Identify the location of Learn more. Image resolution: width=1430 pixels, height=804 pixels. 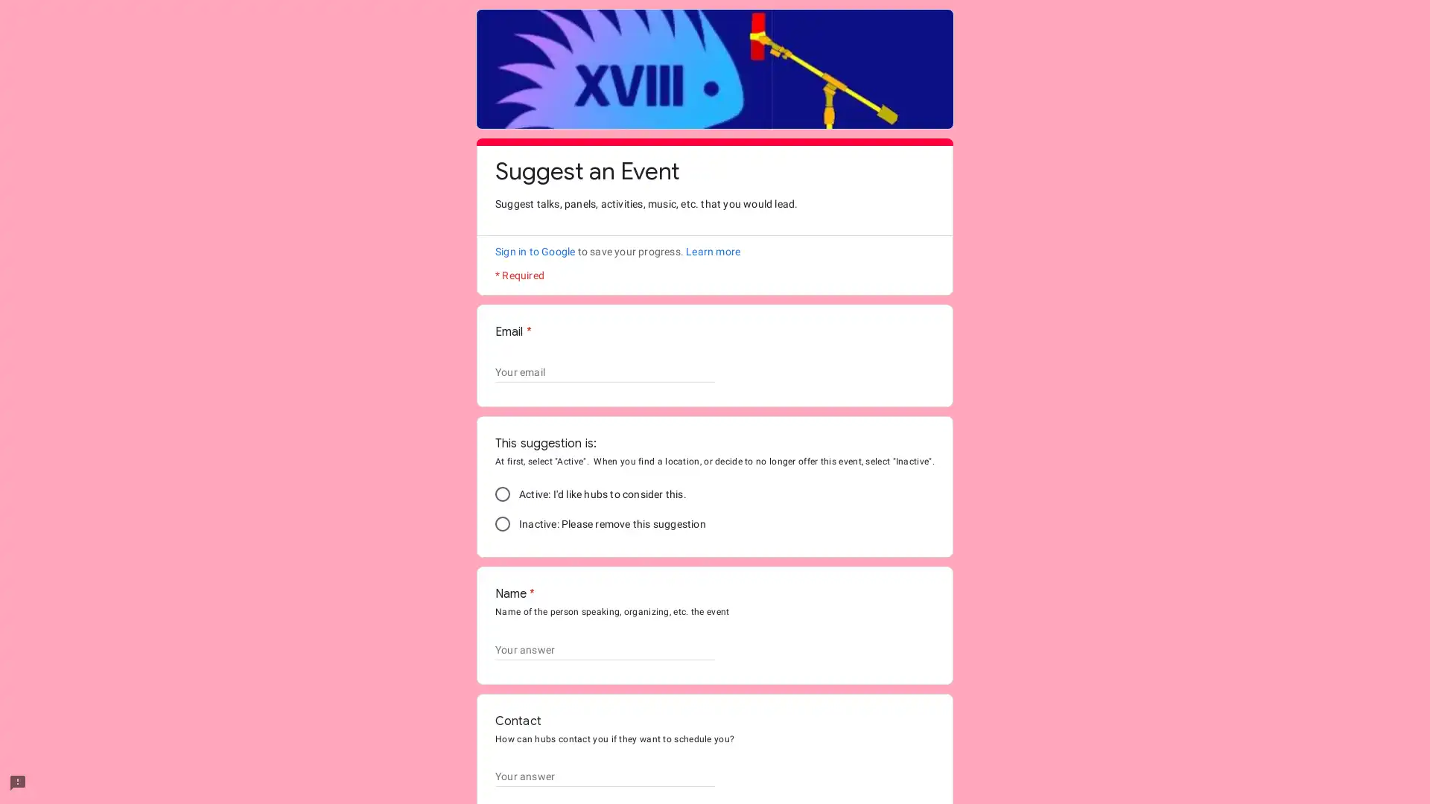
(712, 251).